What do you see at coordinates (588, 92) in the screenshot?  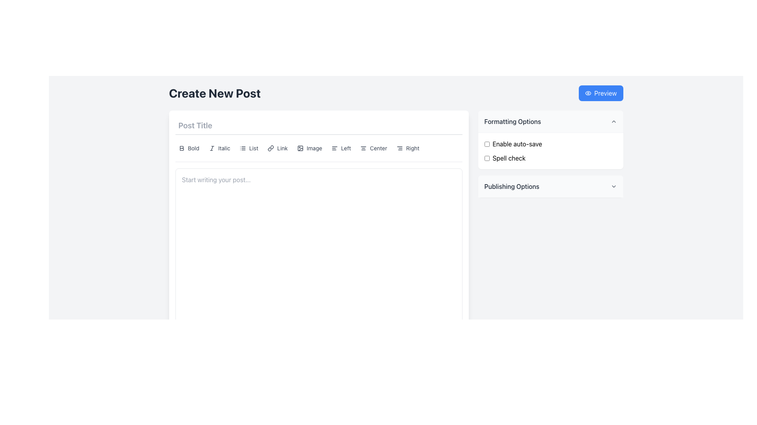 I see `the leftmost eye icon in the upper right corner of the interface` at bounding box center [588, 92].